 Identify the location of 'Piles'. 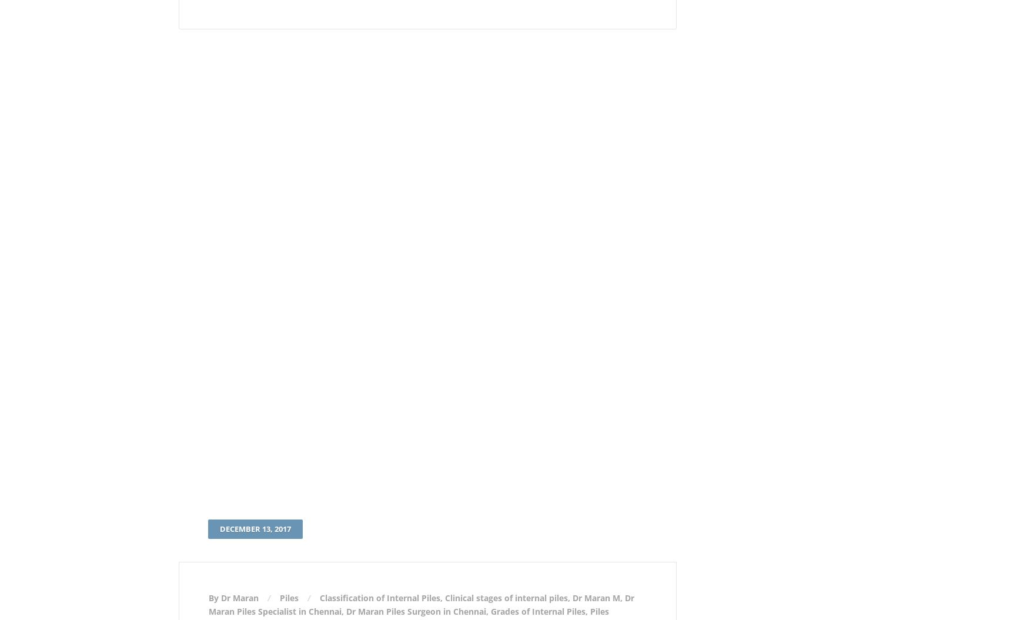
(288, 597).